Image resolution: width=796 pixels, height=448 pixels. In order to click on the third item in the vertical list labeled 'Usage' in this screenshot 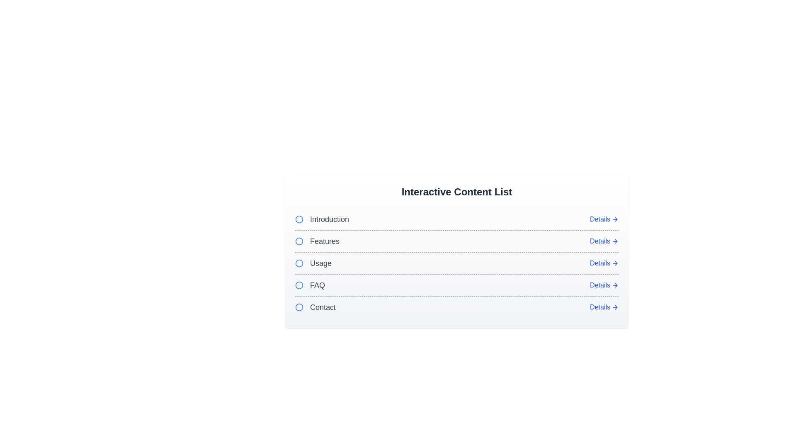, I will do `click(456, 263)`.